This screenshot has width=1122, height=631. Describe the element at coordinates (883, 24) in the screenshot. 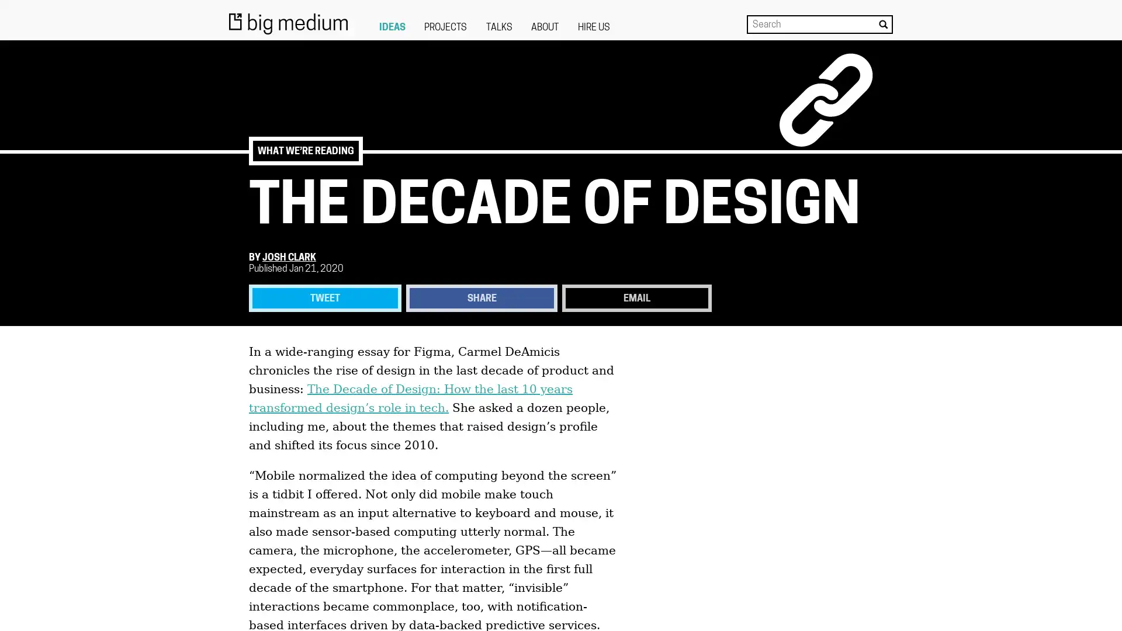

I see `Search` at that location.